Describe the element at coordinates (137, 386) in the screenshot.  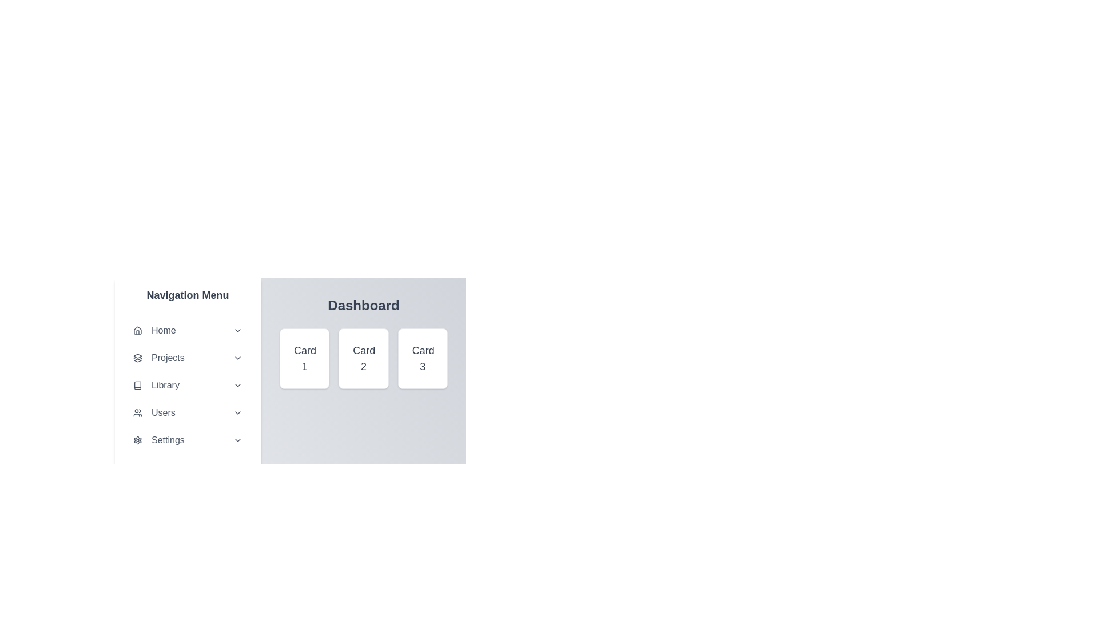
I see `the 'Library' icon located in the vertical menu on the left side of the interface, which represents the 'Library' section in the navigation menu` at that location.